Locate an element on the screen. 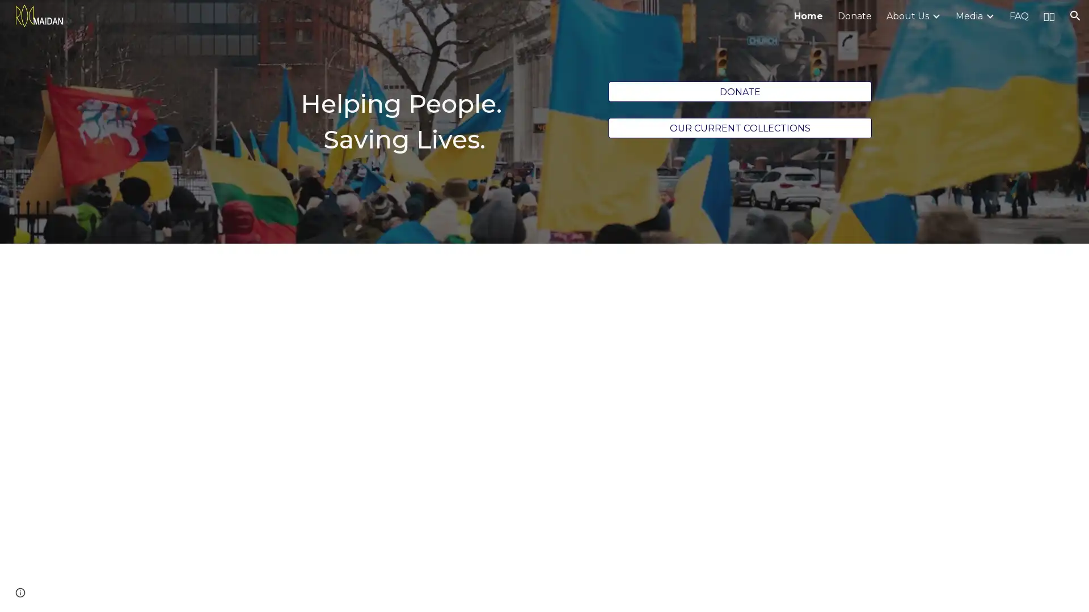 This screenshot has width=1089, height=612. Skip to main content is located at coordinates (446, 21).